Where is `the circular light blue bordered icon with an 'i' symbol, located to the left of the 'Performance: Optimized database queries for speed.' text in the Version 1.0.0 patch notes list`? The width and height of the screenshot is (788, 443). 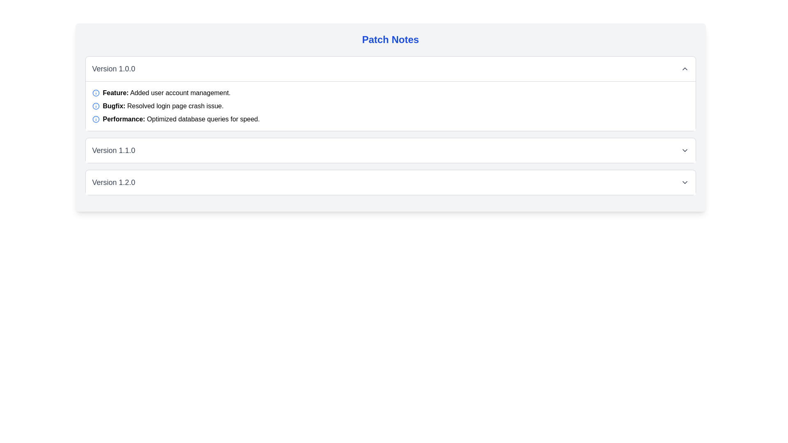
the circular light blue bordered icon with an 'i' symbol, located to the left of the 'Performance: Optimized database queries for speed.' text in the Version 1.0.0 patch notes list is located at coordinates (96, 119).